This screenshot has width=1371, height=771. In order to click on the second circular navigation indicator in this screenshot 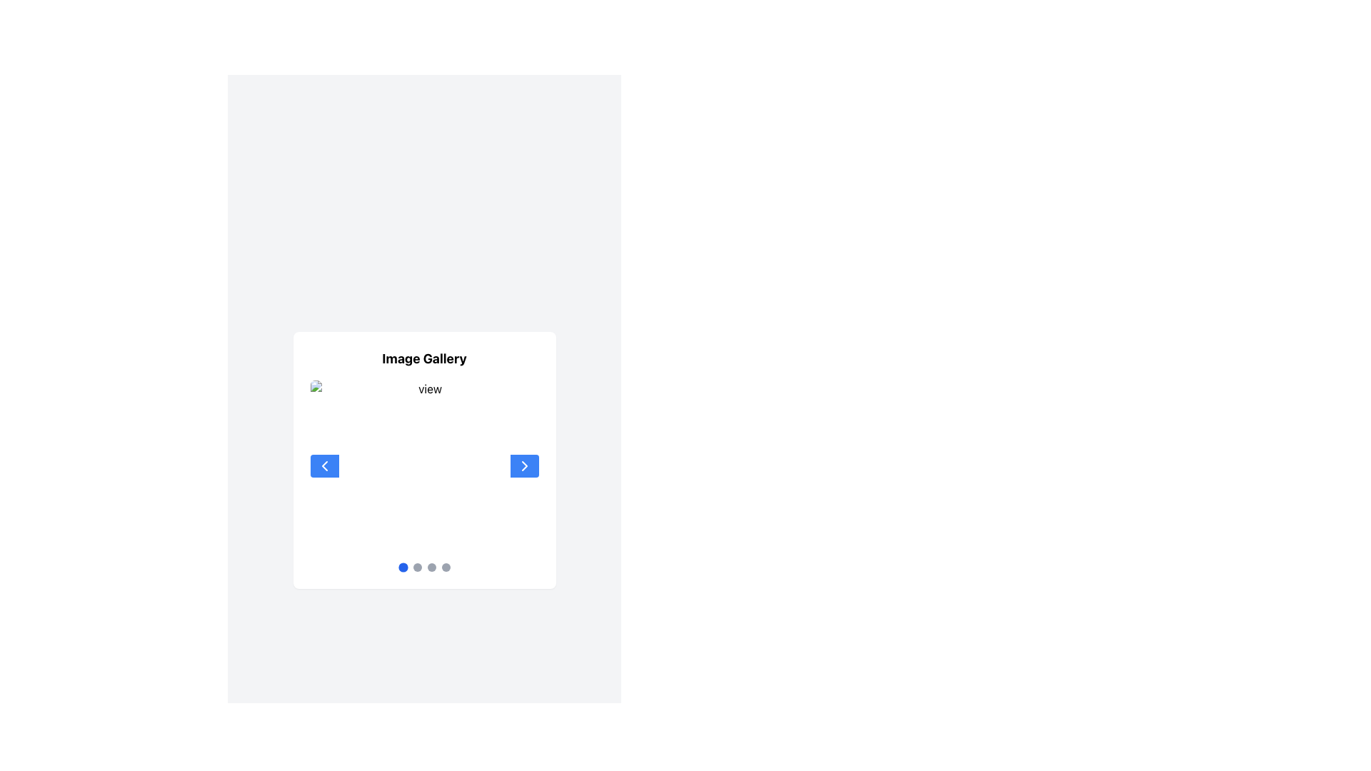, I will do `click(416, 566)`.